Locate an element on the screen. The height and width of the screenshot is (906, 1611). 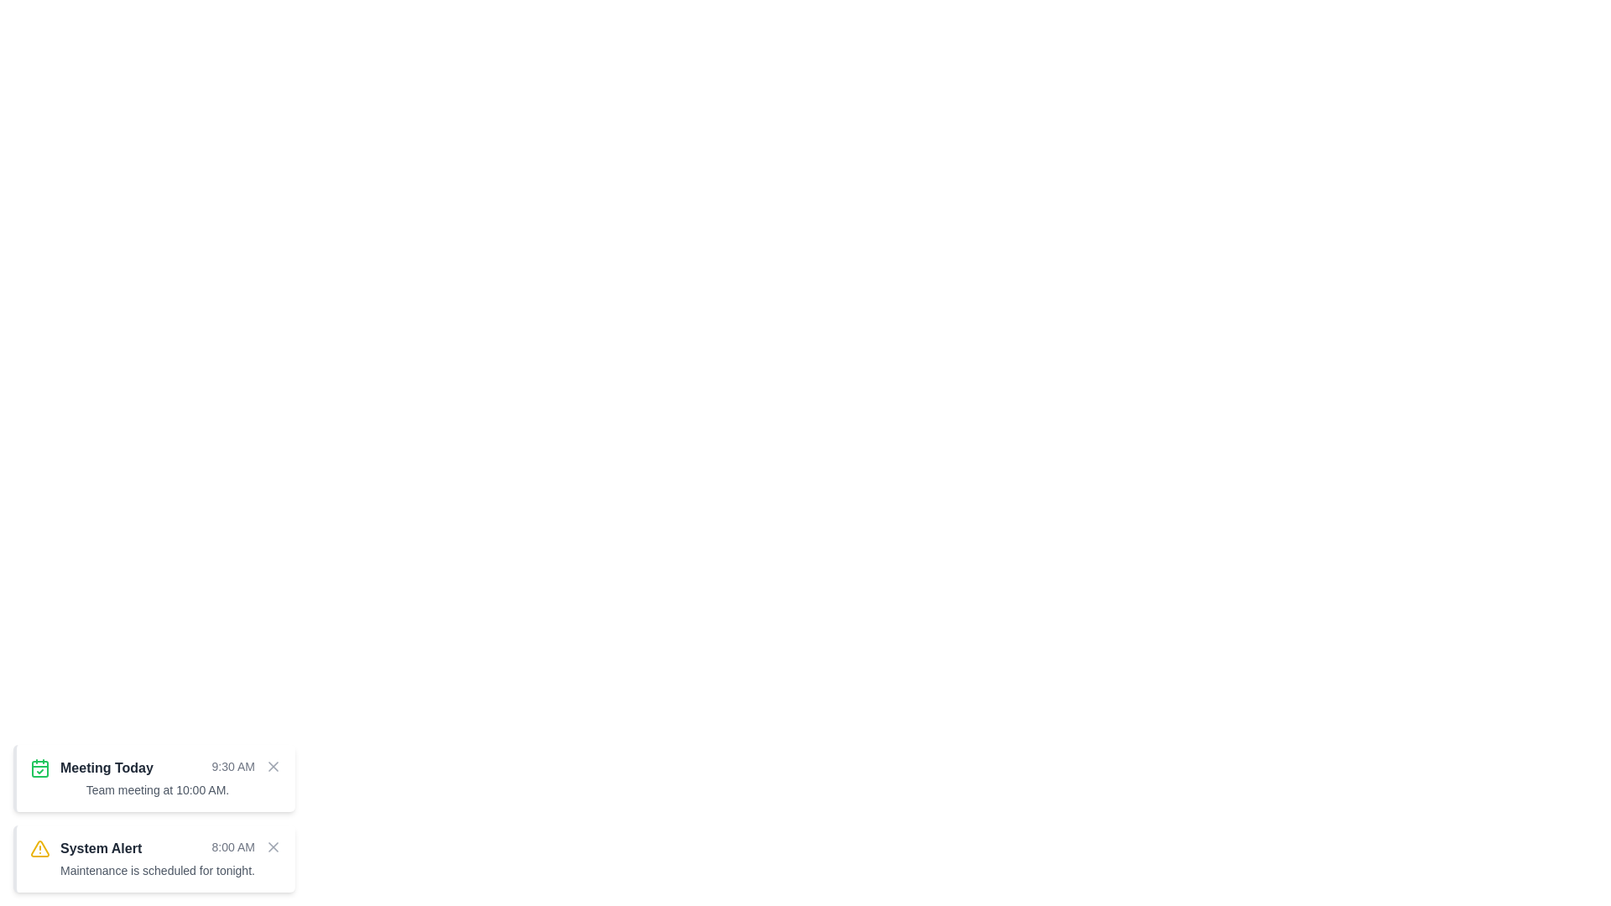
the descriptive text located below the 'System Alert' header within the alert card, which provides additional information about the notification is located at coordinates (157, 869).